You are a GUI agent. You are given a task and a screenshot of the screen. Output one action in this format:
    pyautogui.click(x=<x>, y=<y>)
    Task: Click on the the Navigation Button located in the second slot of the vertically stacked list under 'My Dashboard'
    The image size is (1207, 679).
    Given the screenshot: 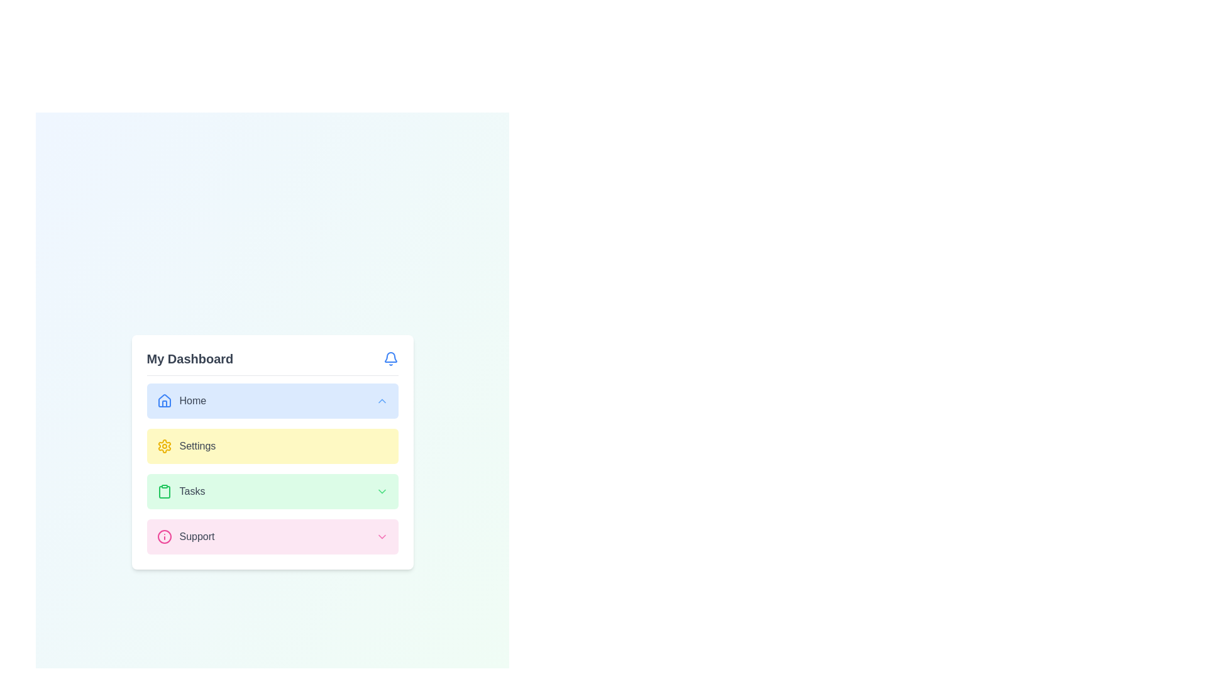 What is the action you would take?
    pyautogui.click(x=272, y=445)
    